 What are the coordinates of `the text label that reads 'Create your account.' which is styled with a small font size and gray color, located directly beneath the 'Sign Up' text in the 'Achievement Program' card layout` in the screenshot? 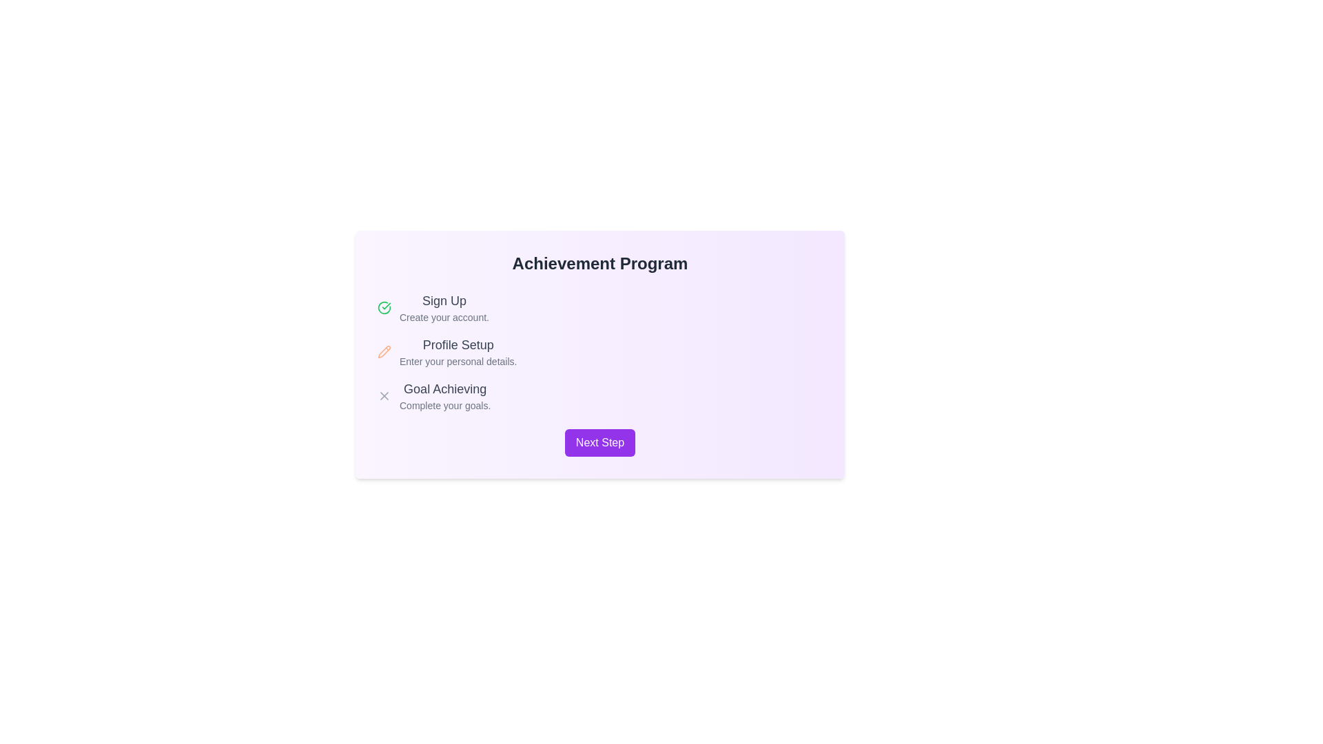 It's located at (444, 318).